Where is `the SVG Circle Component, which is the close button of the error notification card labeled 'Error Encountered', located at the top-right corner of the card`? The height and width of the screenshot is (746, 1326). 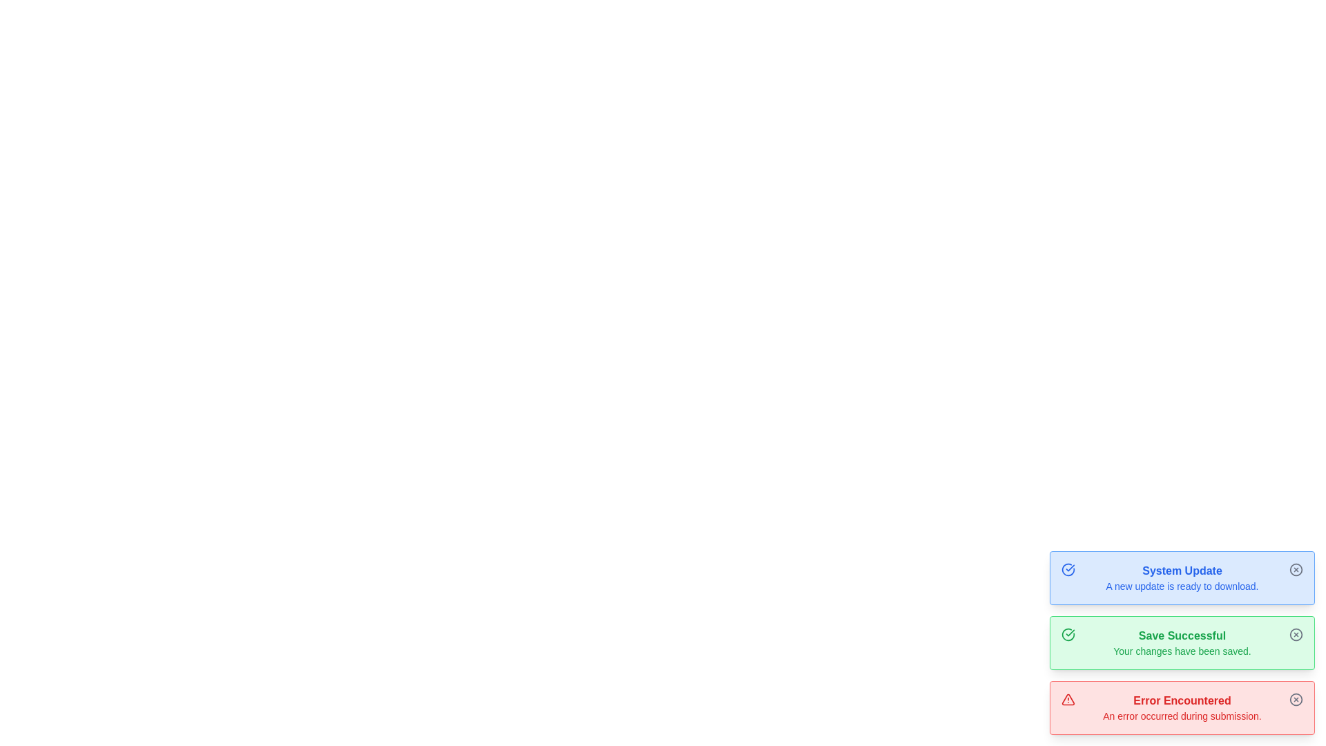 the SVG Circle Component, which is the close button of the error notification card labeled 'Error Encountered', located at the top-right corner of the card is located at coordinates (1295, 700).